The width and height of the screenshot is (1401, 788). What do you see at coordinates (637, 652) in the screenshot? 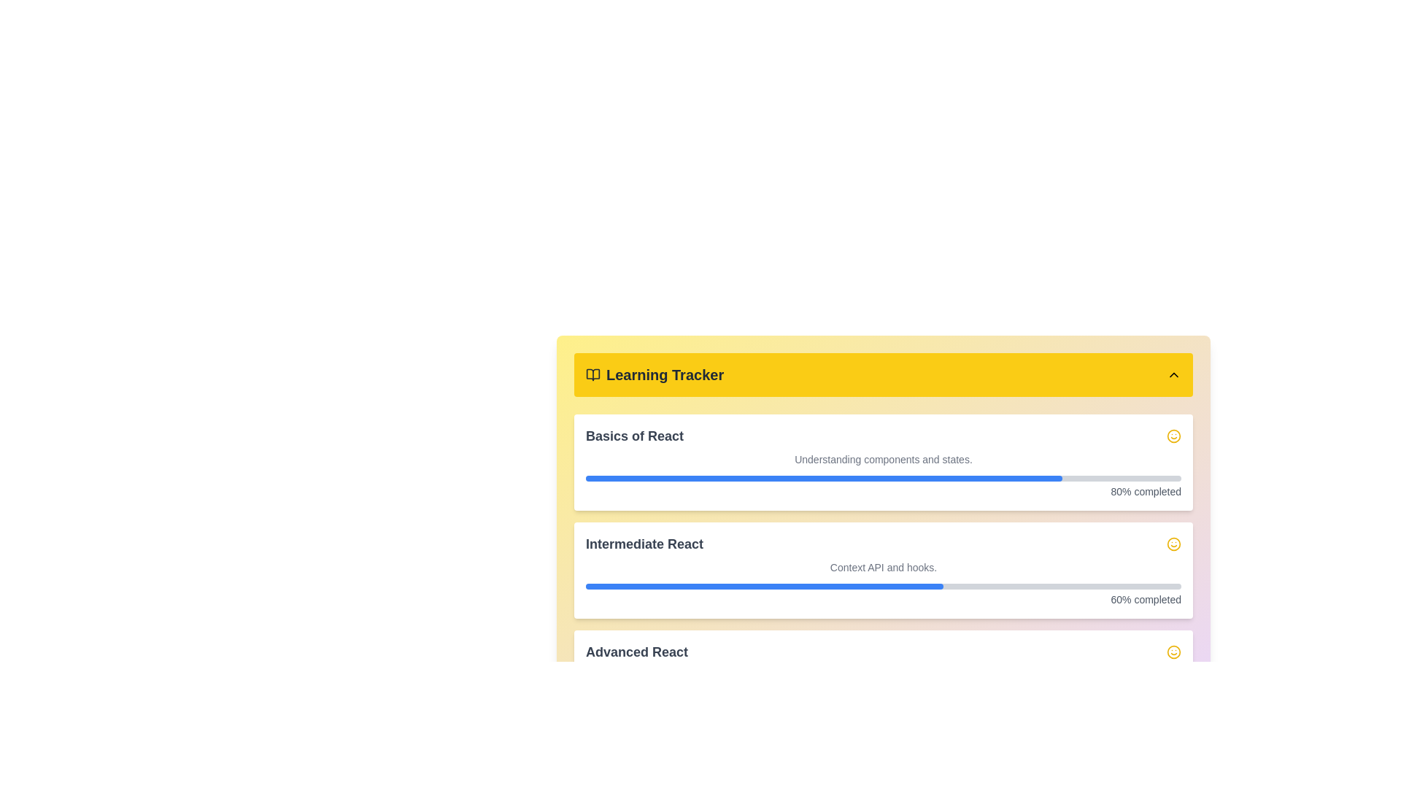
I see `text label that displays 'Advanced React' in a bold and large font, styled in dark gray, located below 'Basics of React' and 'Intermediate React'` at bounding box center [637, 652].